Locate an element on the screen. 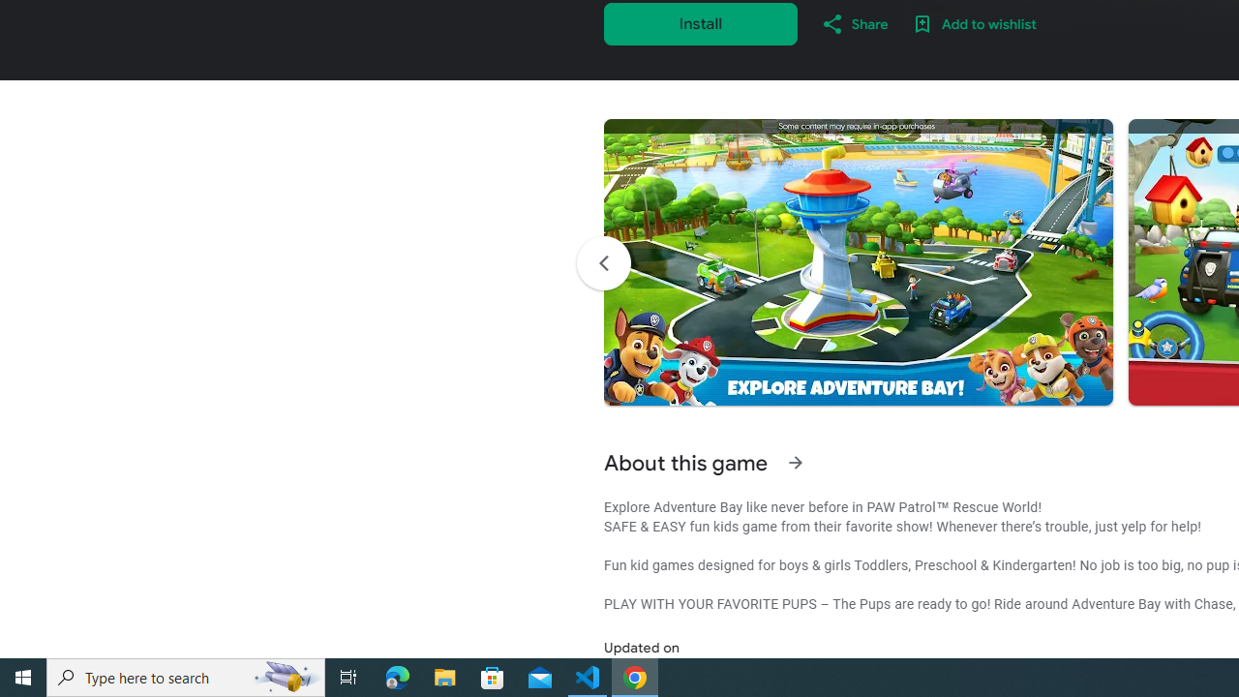 The height and width of the screenshot is (697, 1239). 'Screenshot image' is located at coordinates (857, 262).